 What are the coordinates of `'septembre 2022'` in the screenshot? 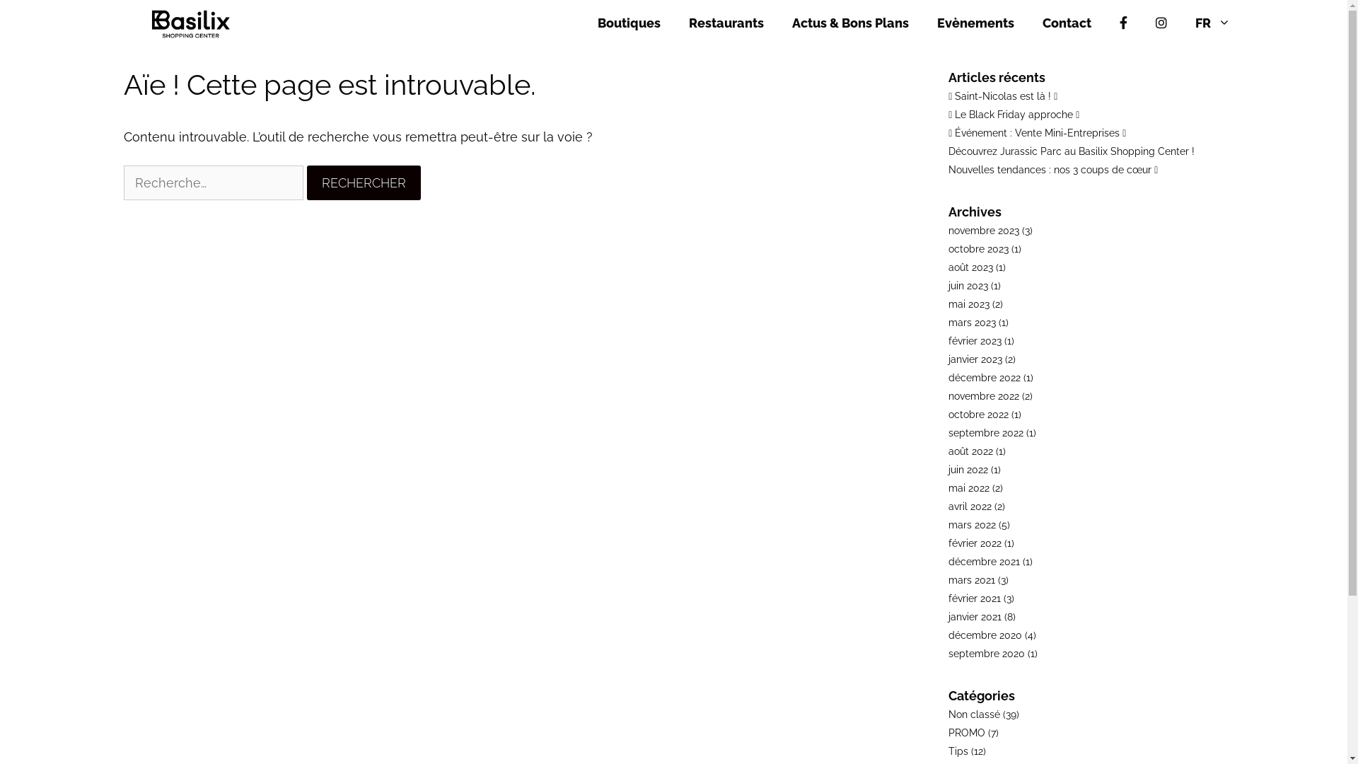 It's located at (948, 432).